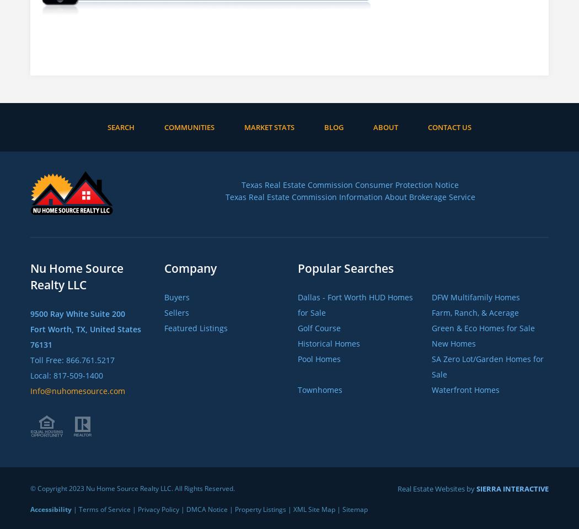 Image resolution: width=579 pixels, height=529 pixels. I want to click on 'Waterfront Homes', so click(465, 390).